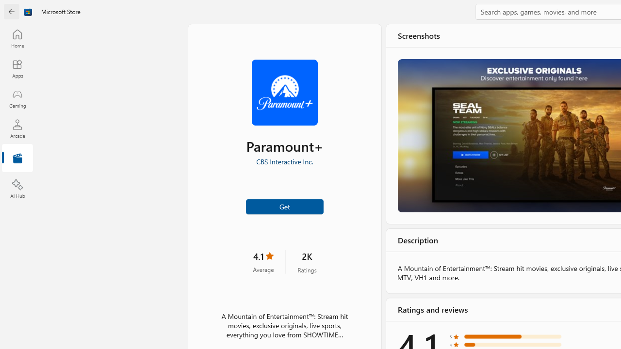  What do you see at coordinates (28, 12) in the screenshot?
I see `'Class: Image'` at bounding box center [28, 12].